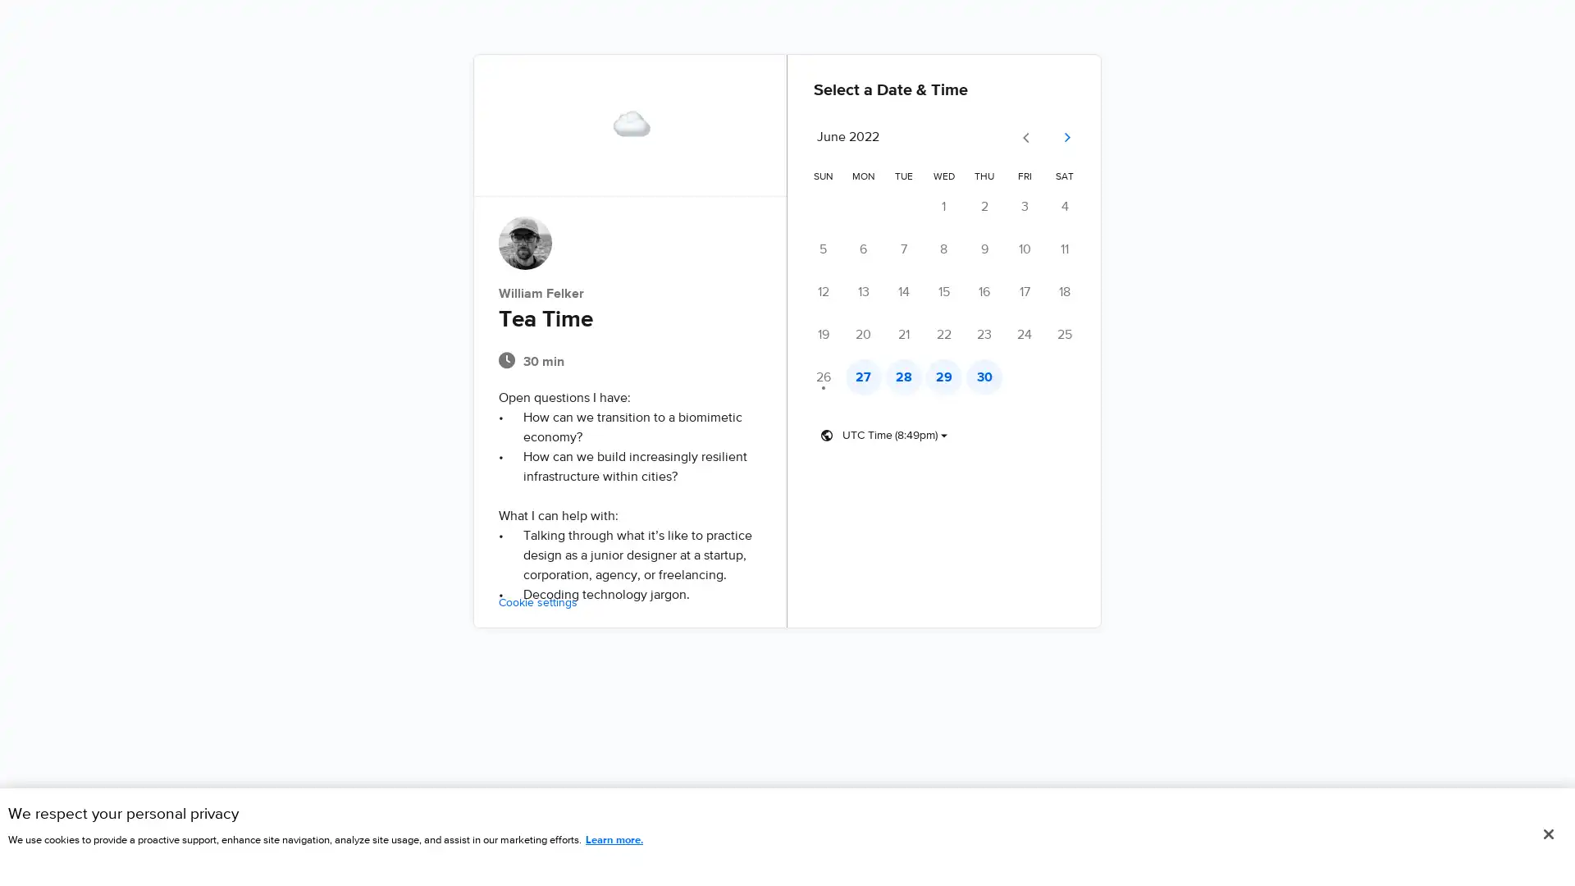  Describe the element at coordinates (1080, 137) in the screenshot. I see `Go to next month` at that location.